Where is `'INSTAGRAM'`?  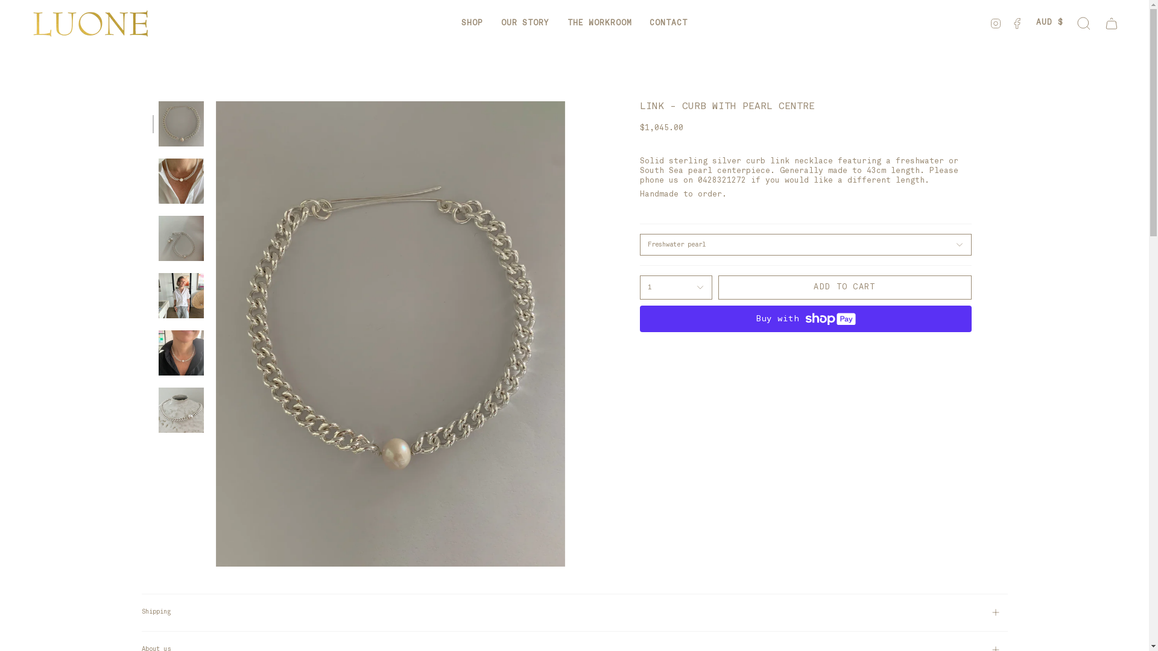 'INSTAGRAM' is located at coordinates (996, 23).